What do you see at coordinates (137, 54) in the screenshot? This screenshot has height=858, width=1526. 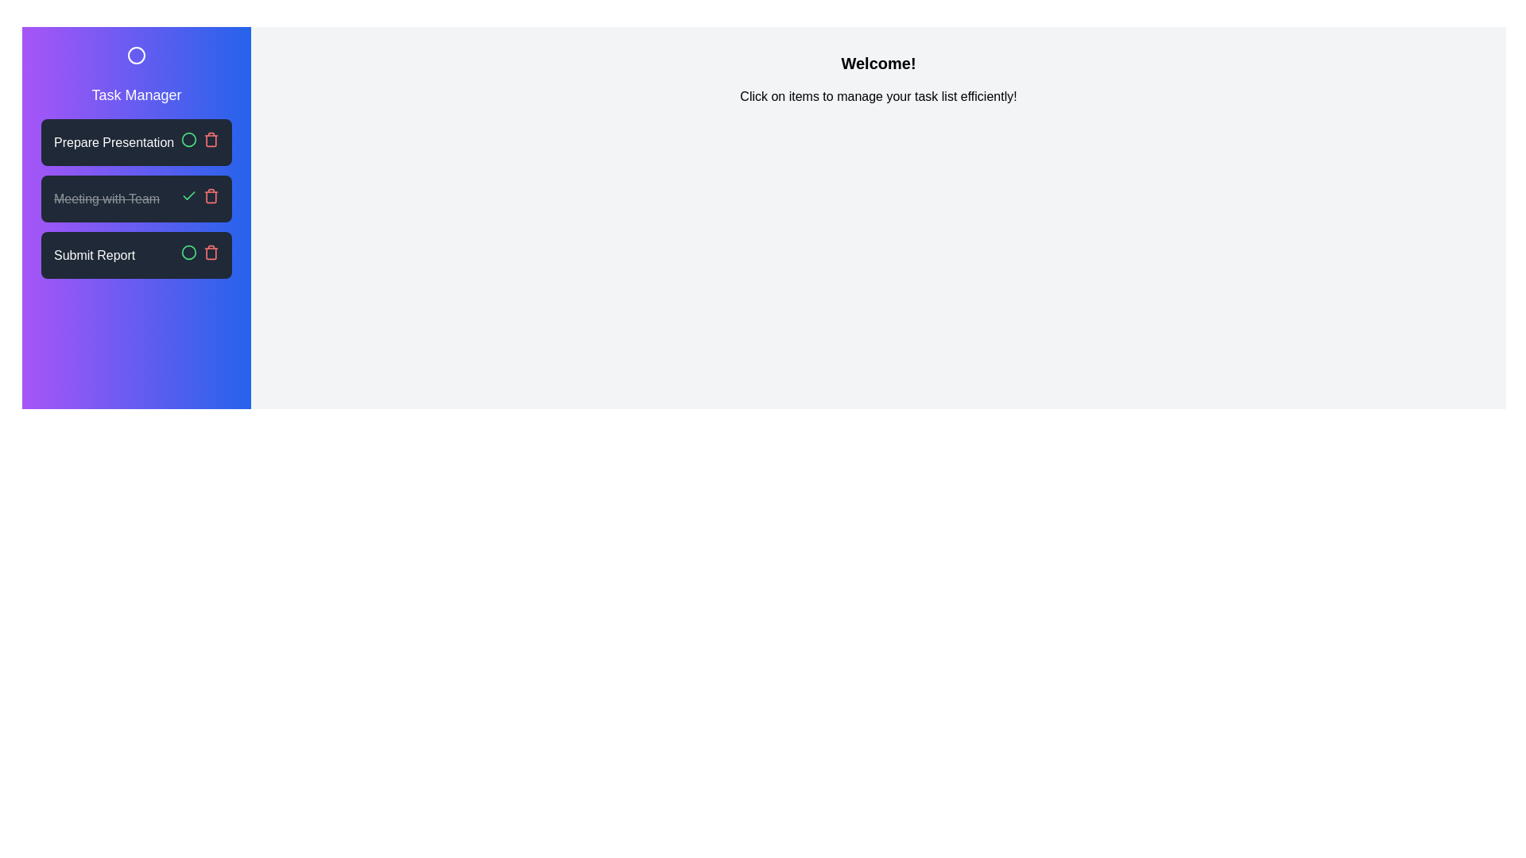 I see `the toggle button to change the drawer state` at bounding box center [137, 54].